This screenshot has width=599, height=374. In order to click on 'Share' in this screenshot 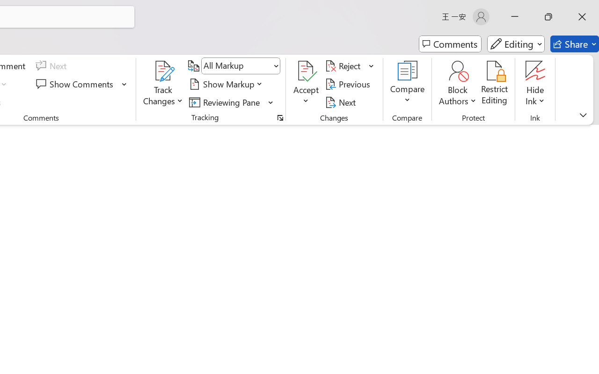, I will do `click(574, 44)`.